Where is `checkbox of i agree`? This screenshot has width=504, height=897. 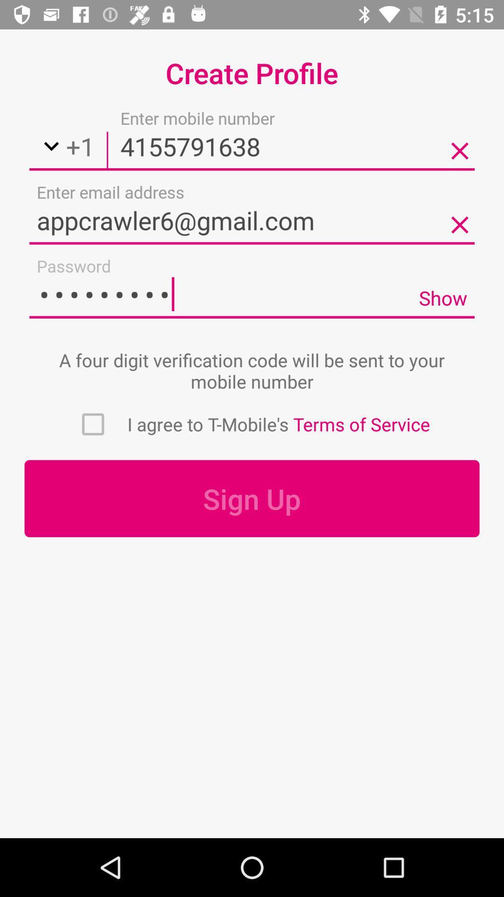
checkbox of i agree is located at coordinates (93, 424).